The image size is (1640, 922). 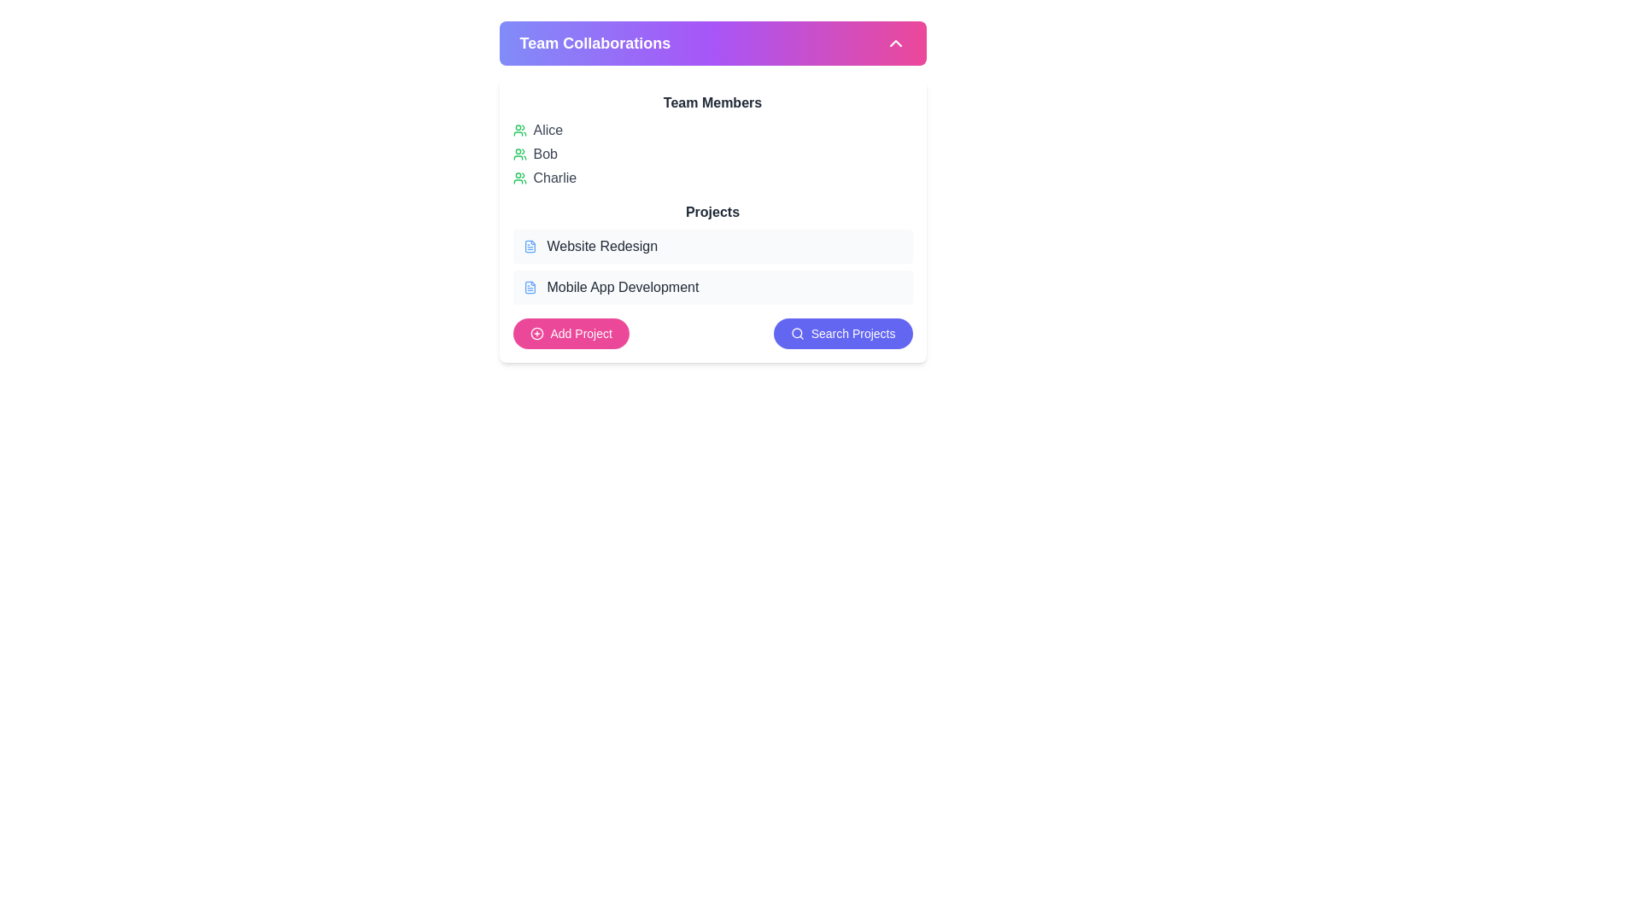 What do you see at coordinates (518, 178) in the screenshot?
I see `the icon representing 'Charlie' in the 'Team Members' list, located between 'Bob' and the 'Projects' section` at bounding box center [518, 178].